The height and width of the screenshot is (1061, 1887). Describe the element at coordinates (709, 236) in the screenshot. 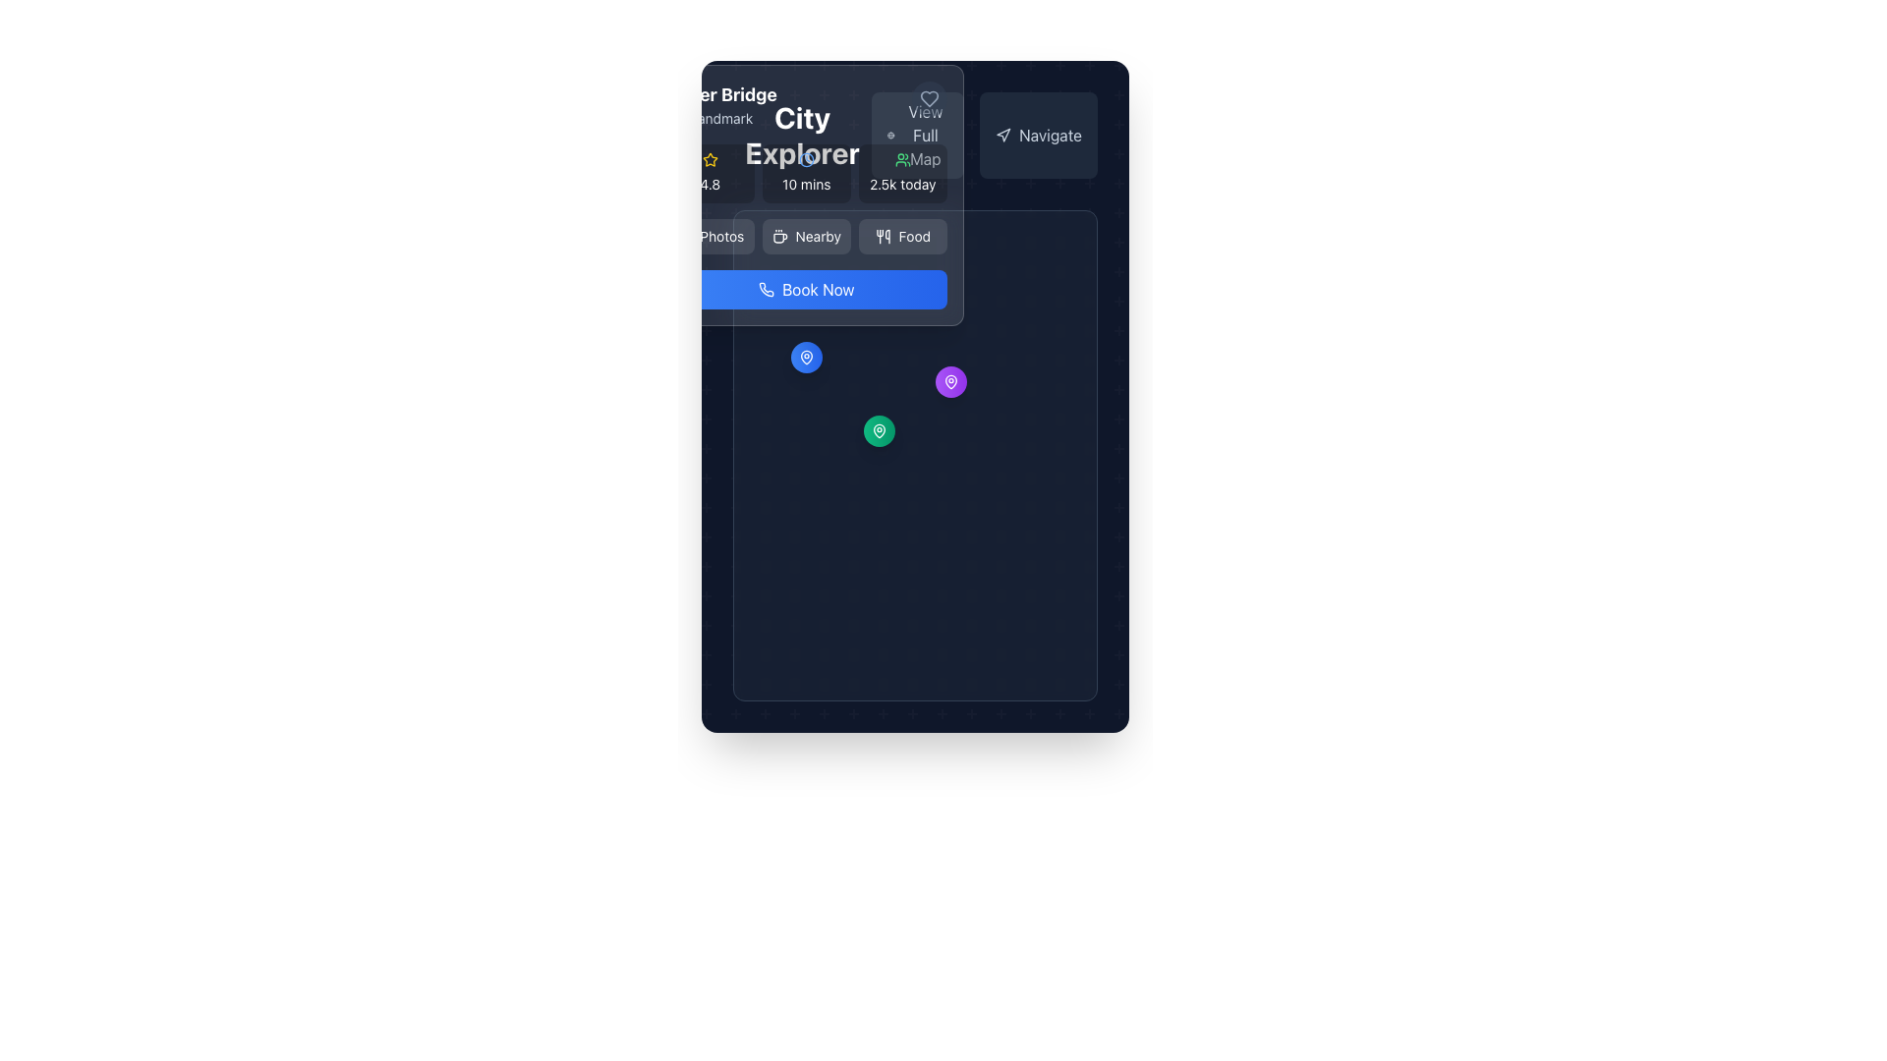

I see `the first button in a group of three buttons that likely navigates to the 'Photos' section` at that location.